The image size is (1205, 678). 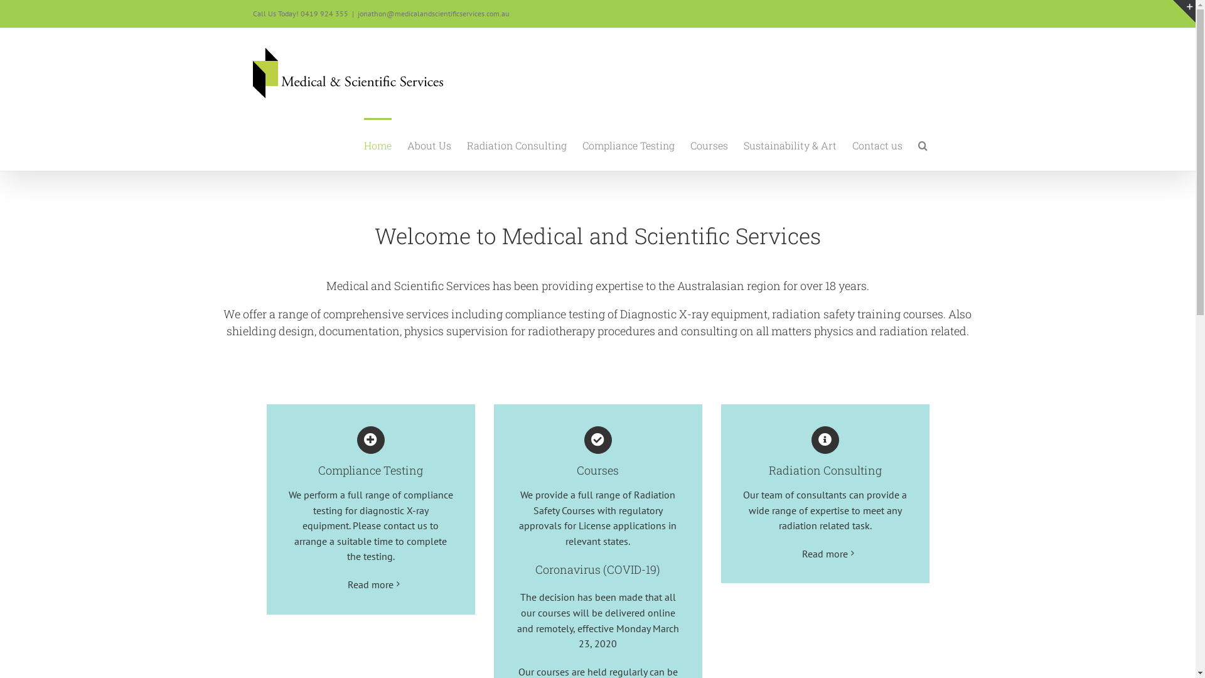 What do you see at coordinates (1183, 11) in the screenshot?
I see `'Toggle Sliding Bar Area'` at bounding box center [1183, 11].